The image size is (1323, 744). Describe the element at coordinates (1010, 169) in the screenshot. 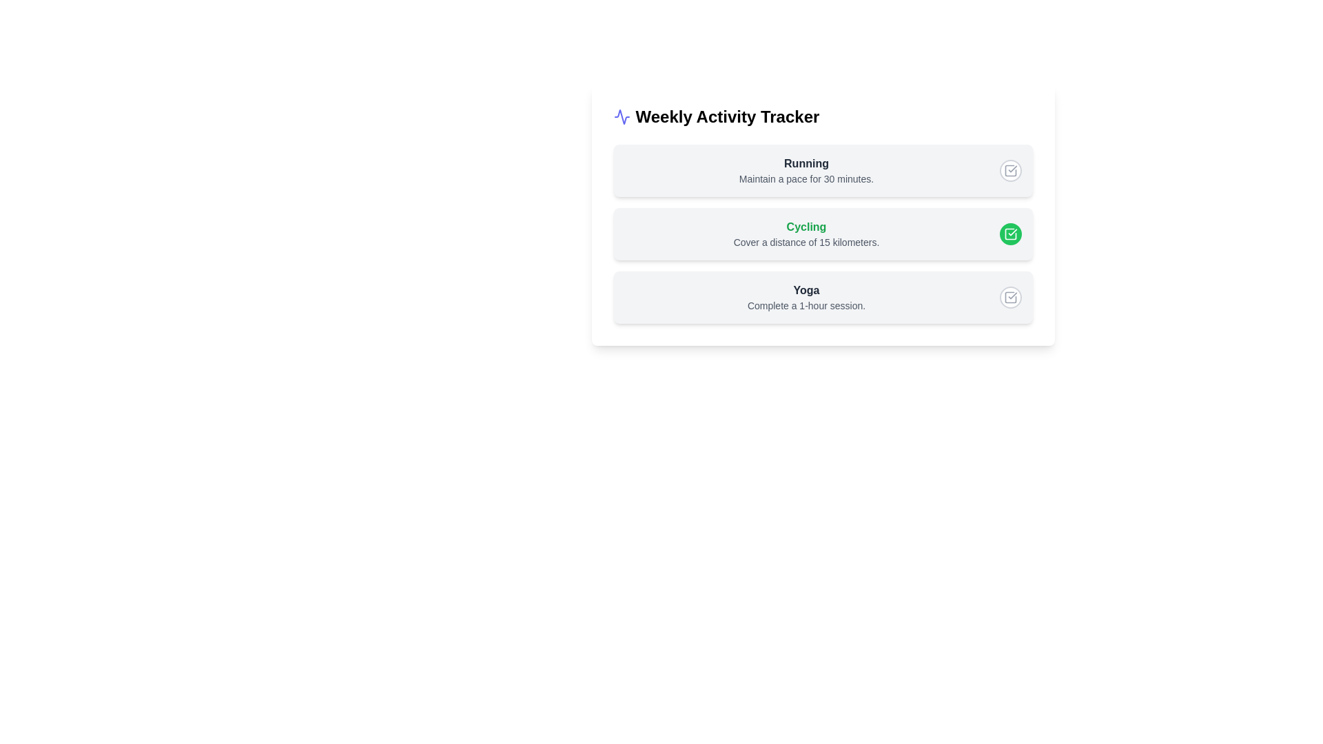

I see `the small circular Icon button with a checkmark inside, located to the right of the text 'Running'` at that location.